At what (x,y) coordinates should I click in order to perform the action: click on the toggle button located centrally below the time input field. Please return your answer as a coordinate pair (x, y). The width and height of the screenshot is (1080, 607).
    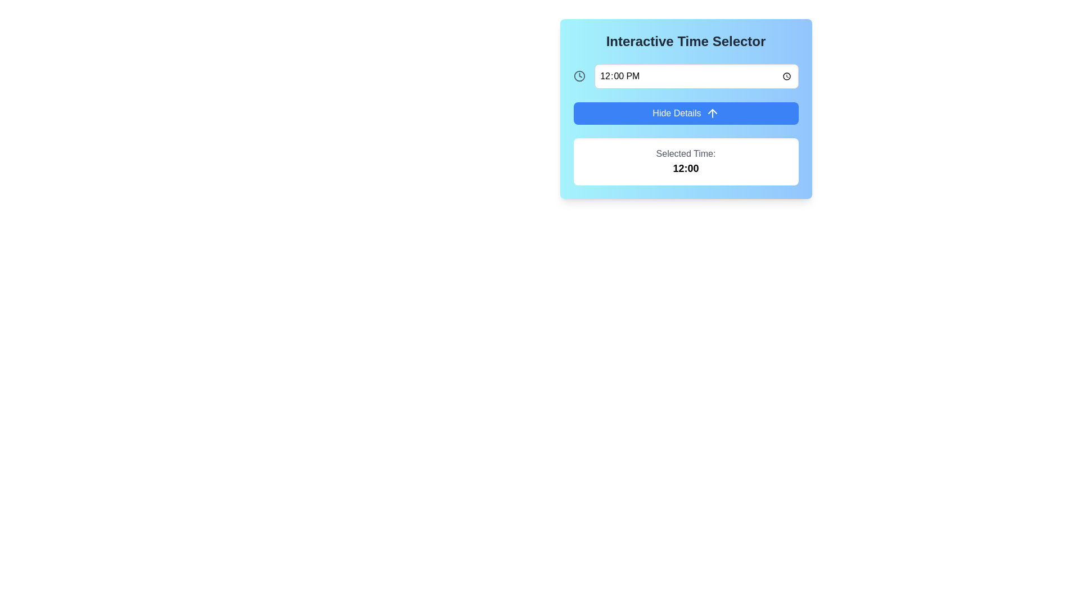
    Looking at the image, I should click on (685, 108).